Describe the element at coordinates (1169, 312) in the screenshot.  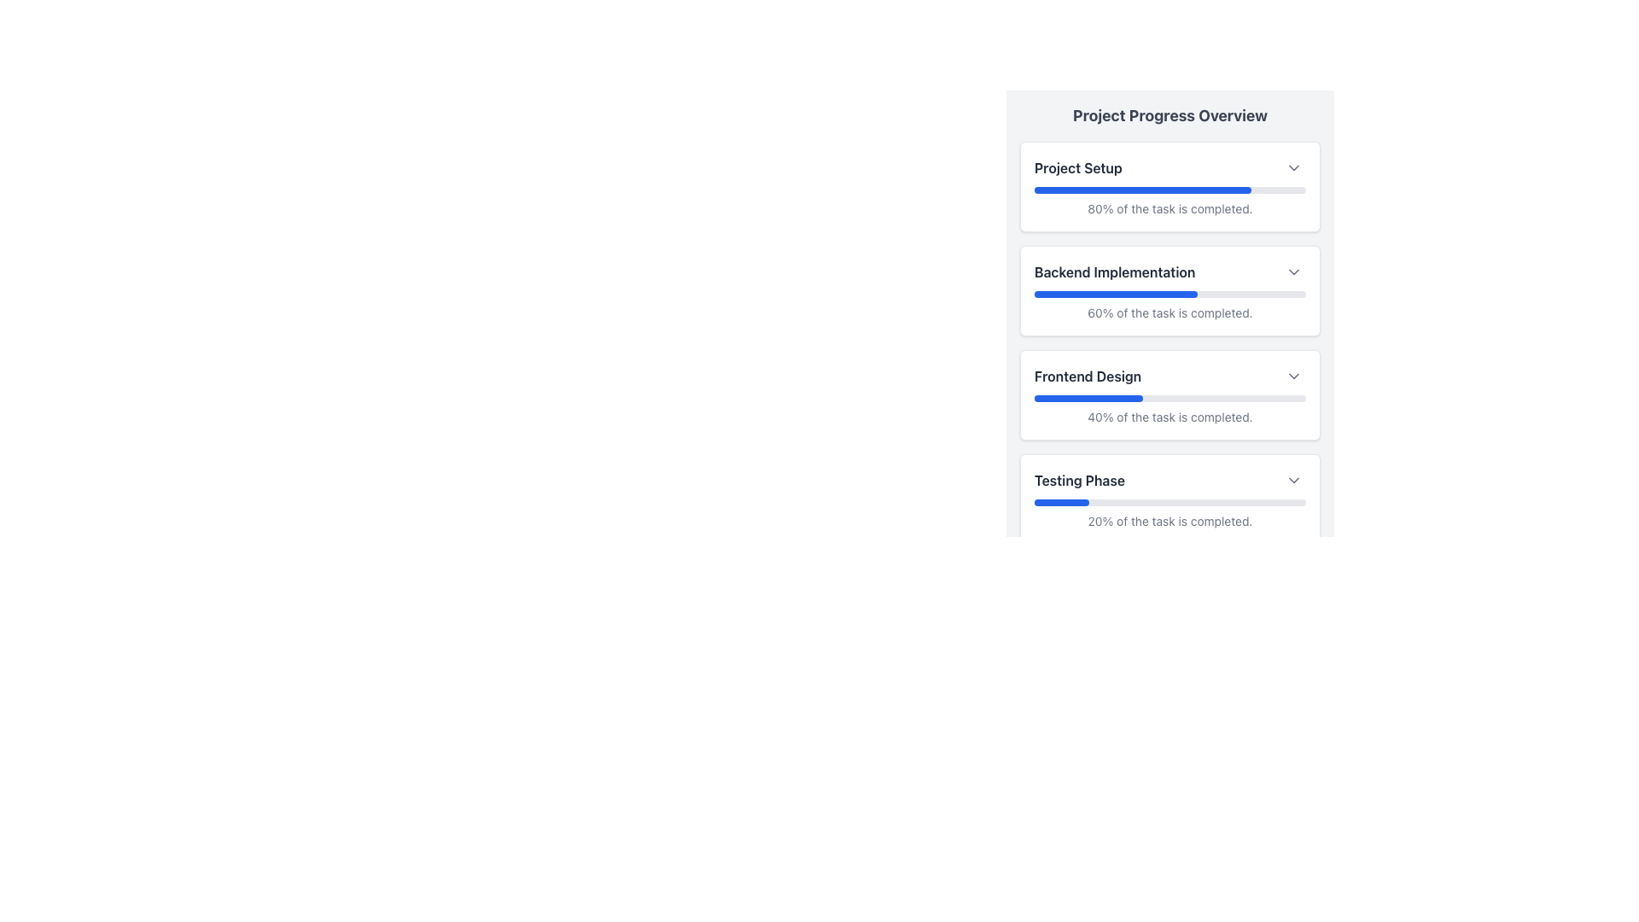
I see `the Text Label displaying '60% of the task is completed.' located underneath the blue progress bar in the 'Backend Implementation' section` at that location.